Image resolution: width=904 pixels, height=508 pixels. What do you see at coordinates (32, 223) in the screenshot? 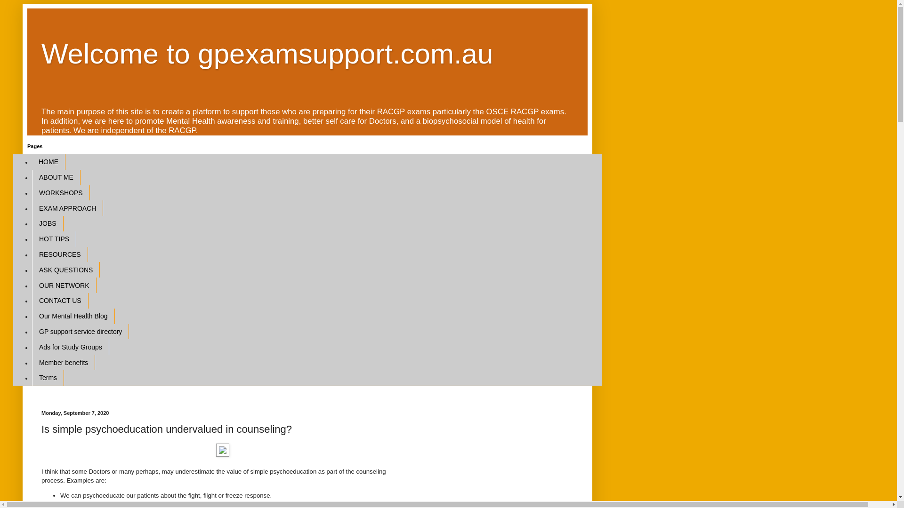
I see `'JOBS'` at bounding box center [32, 223].